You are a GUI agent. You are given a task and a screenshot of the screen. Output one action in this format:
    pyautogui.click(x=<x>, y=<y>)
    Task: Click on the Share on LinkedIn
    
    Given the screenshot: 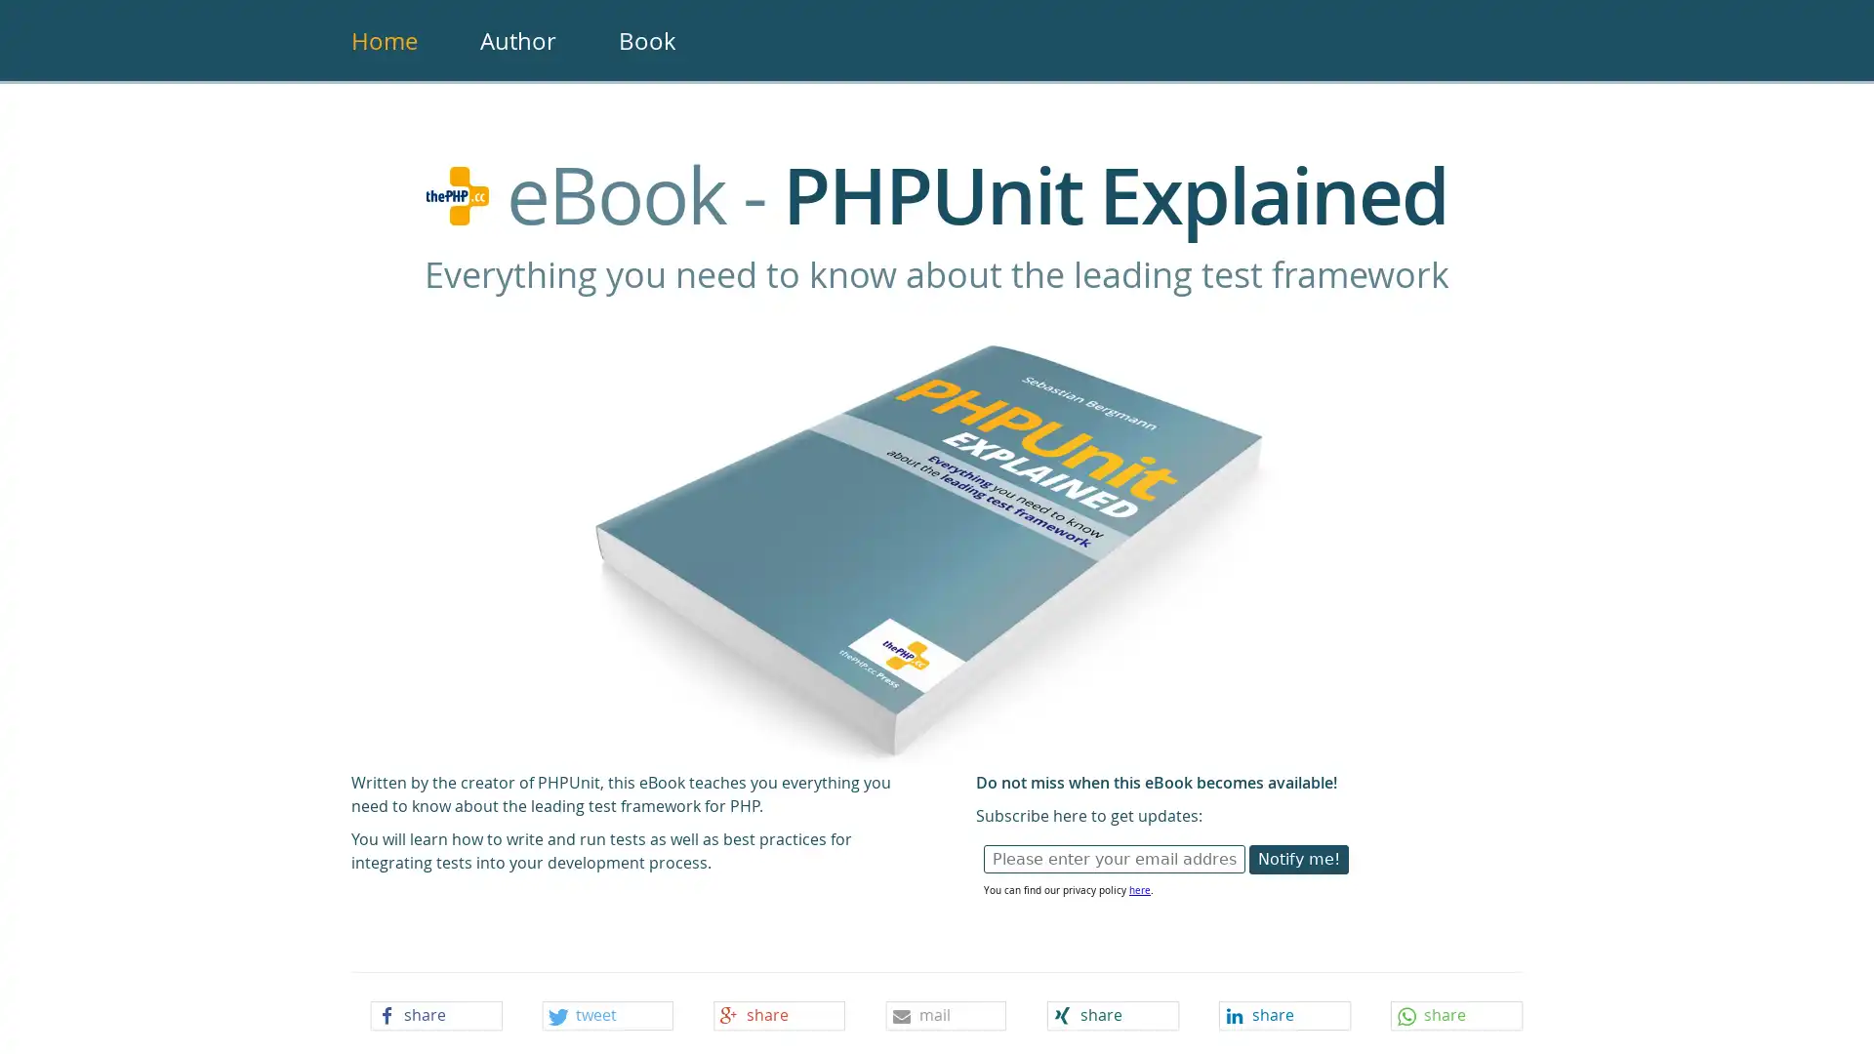 What is the action you would take?
    pyautogui.click(x=1283, y=1015)
    